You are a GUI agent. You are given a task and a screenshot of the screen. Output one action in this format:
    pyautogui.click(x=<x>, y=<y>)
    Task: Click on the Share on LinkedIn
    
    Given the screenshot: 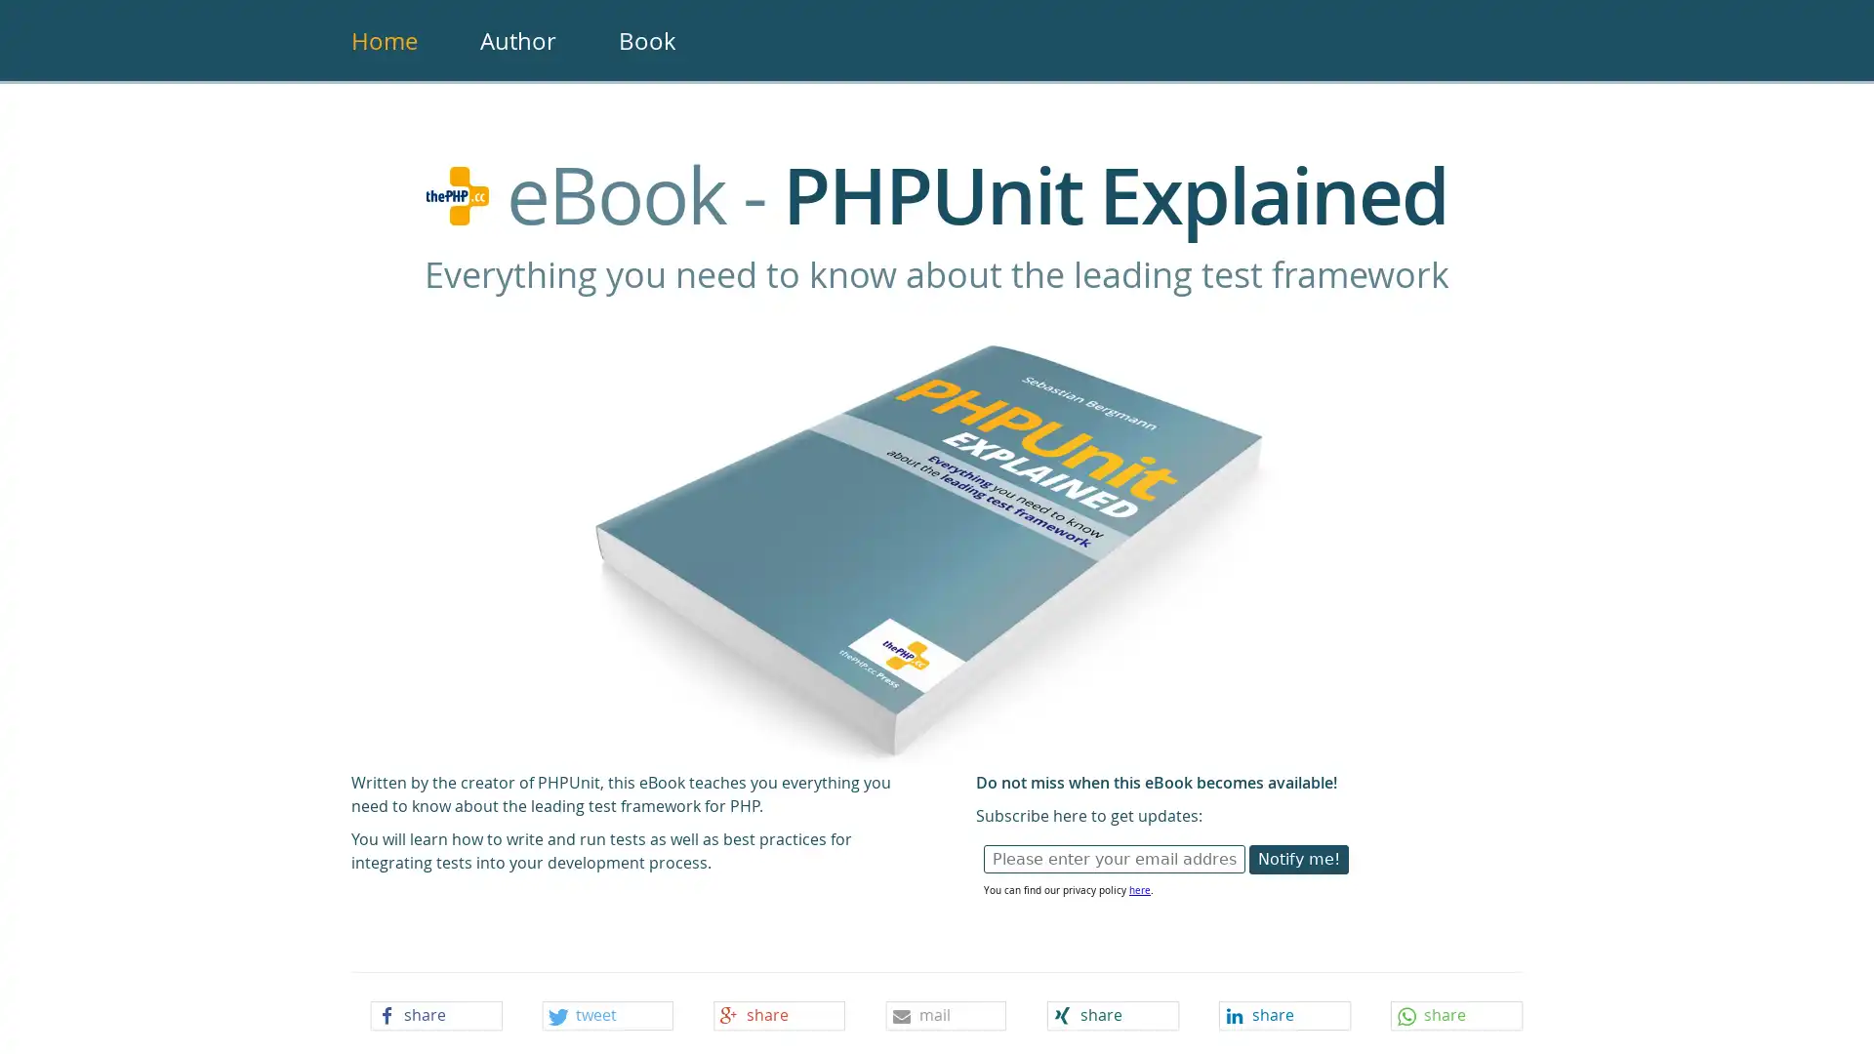 What is the action you would take?
    pyautogui.click(x=1283, y=1015)
    